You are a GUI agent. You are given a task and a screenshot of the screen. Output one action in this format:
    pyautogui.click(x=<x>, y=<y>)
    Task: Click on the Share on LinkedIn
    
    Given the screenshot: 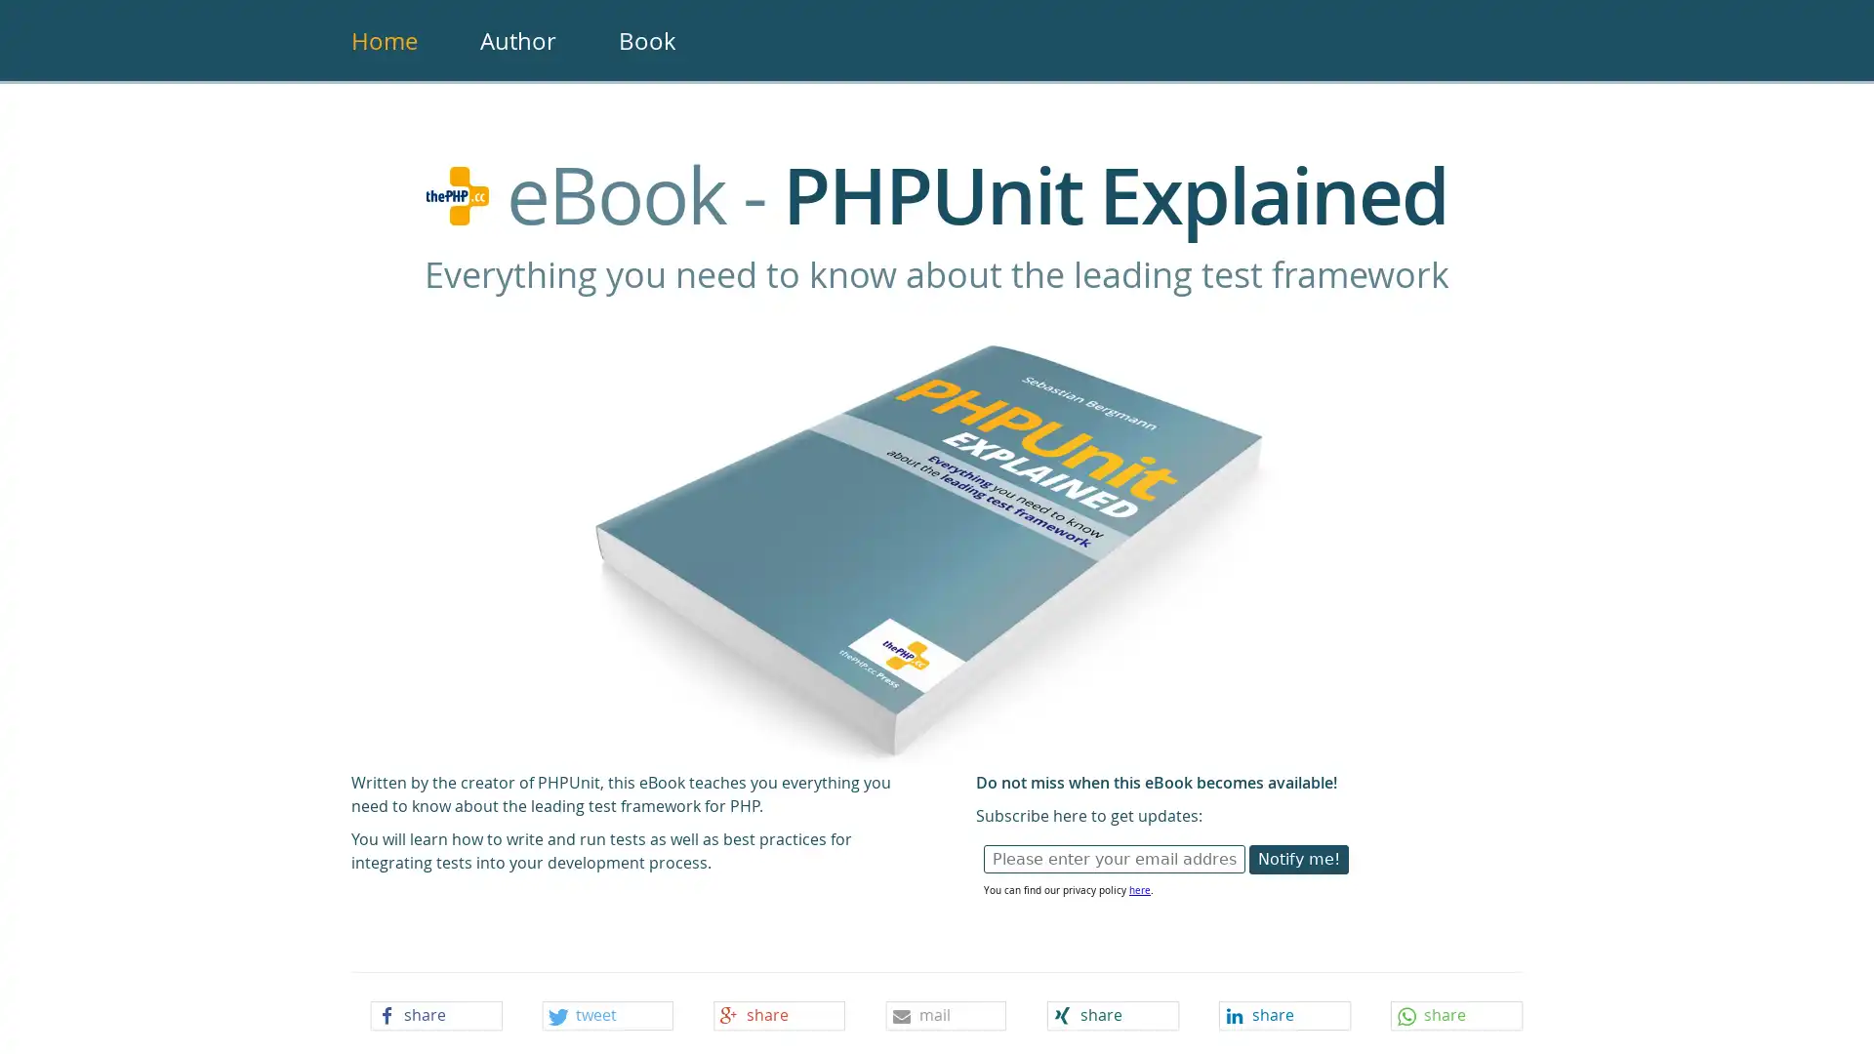 What is the action you would take?
    pyautogui.click(x=1283, y=1015)
    